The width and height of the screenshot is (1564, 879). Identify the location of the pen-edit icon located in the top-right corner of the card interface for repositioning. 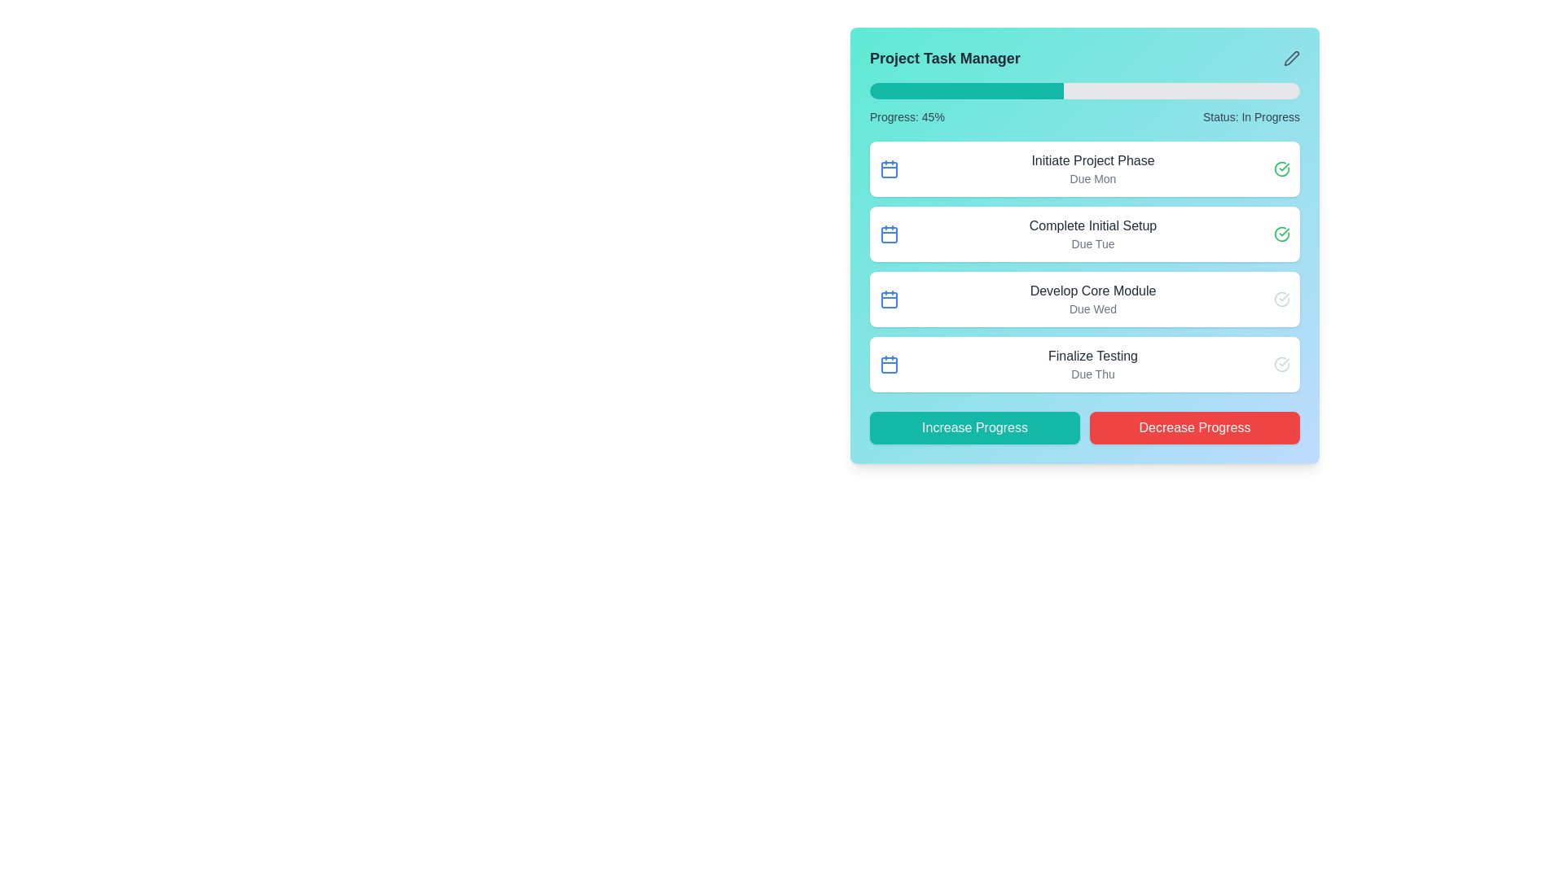
(1290, 58).